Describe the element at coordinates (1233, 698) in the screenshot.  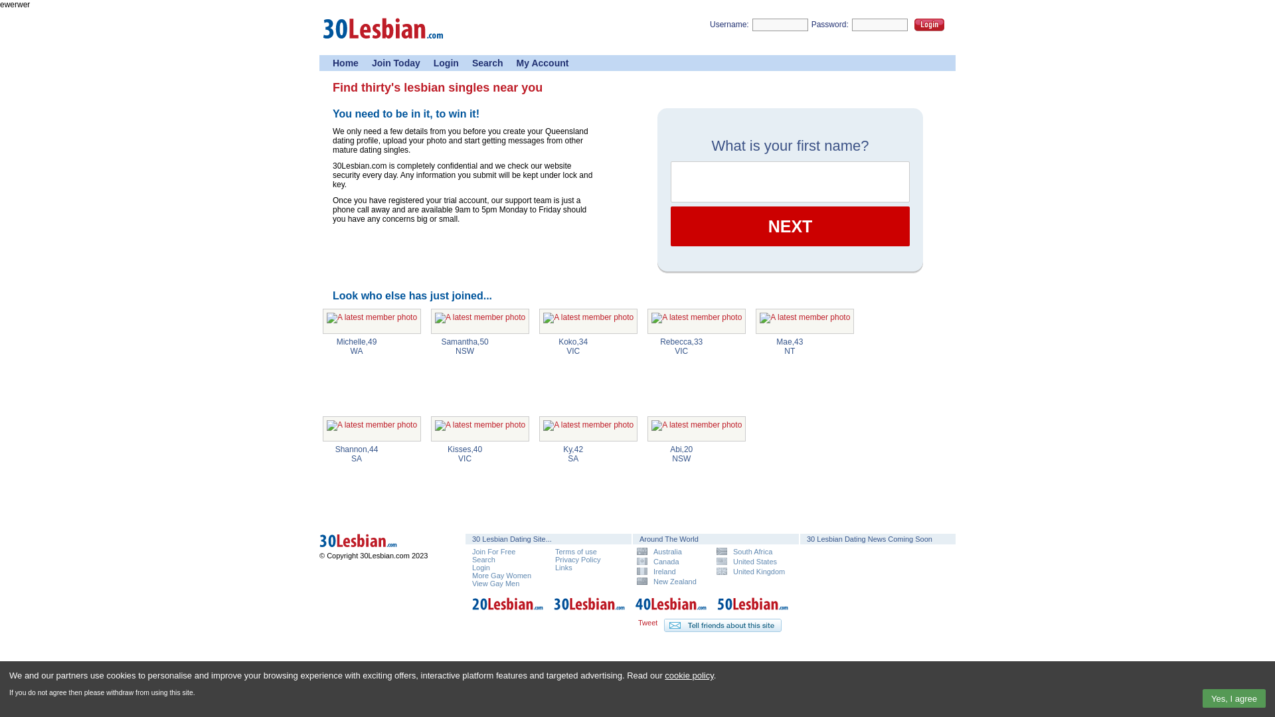
I see `'Yes, I agree'` at that location.